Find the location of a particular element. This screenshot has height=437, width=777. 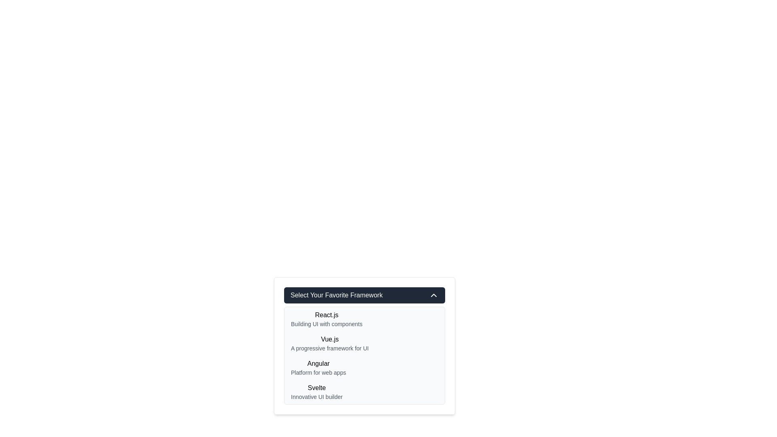

the informative list item element that contains 'Angular' in bold and 'Platform for web apps' in smaller text, located near the center-bottom of the drop-down panel is located at coordinates (318, 368).